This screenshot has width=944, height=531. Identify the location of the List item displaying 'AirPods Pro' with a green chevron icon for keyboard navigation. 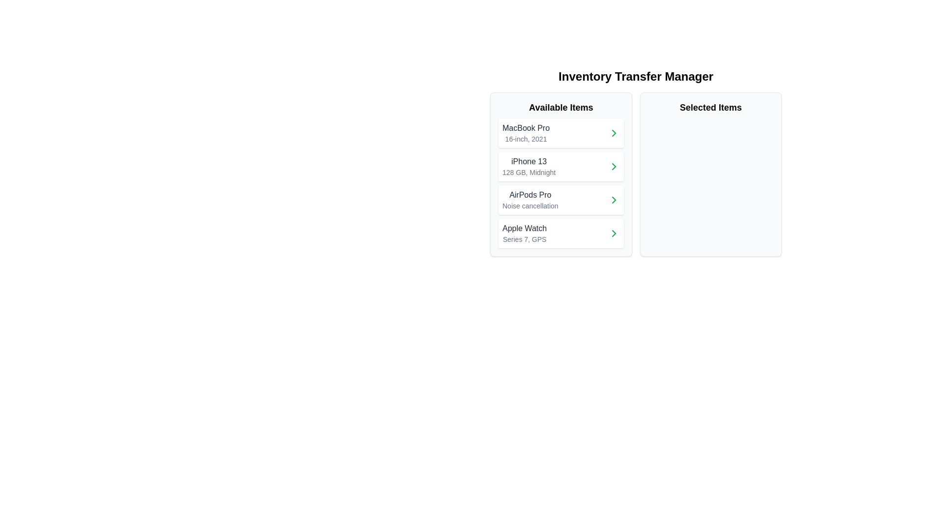
(561, 200).